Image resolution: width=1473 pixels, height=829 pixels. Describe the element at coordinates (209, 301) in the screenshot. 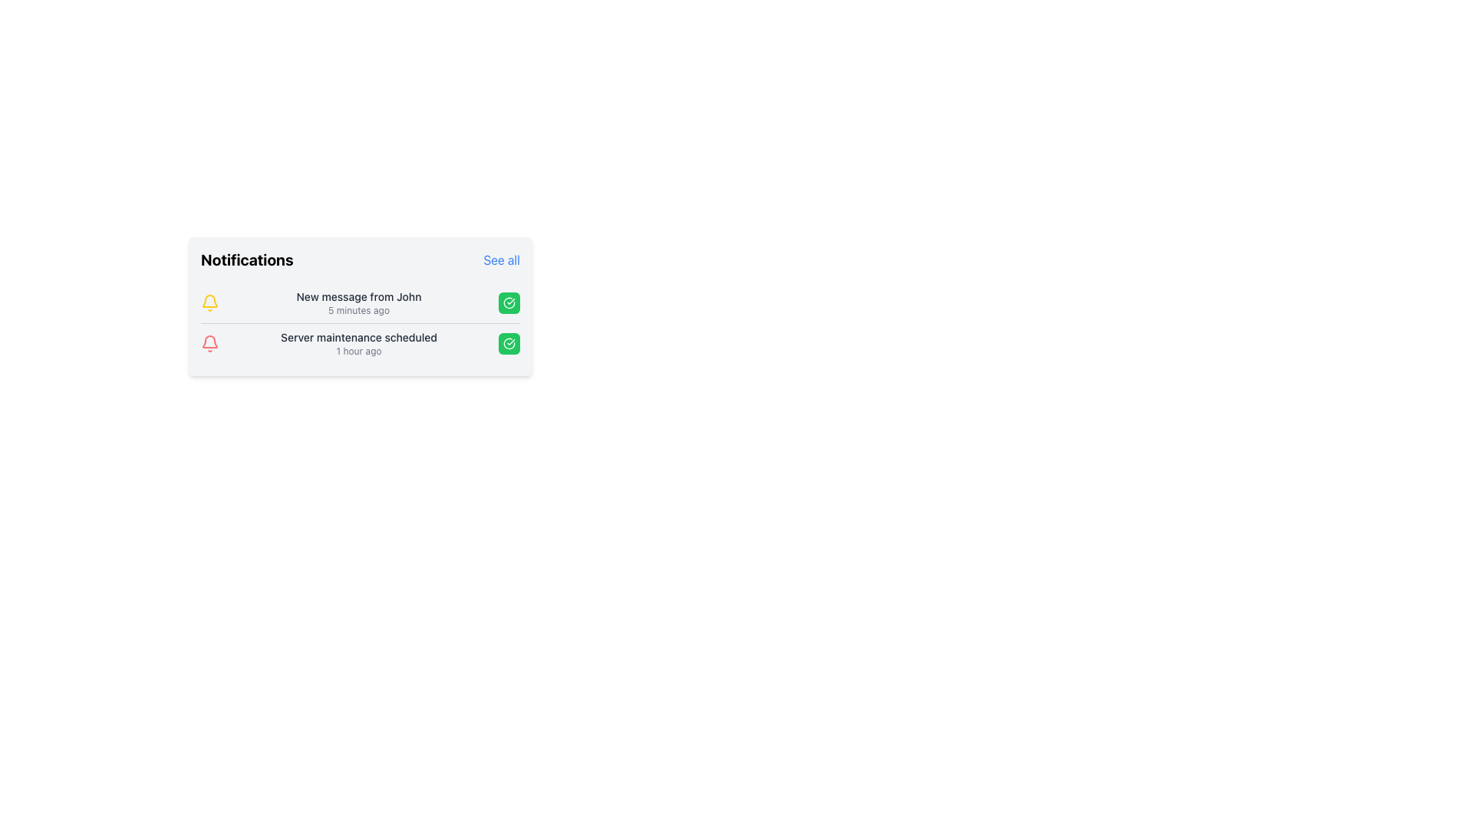

I see `the second icon in the notification list that represents system alerts or maintenance updates, located under the 'Notifications' header` at that location.